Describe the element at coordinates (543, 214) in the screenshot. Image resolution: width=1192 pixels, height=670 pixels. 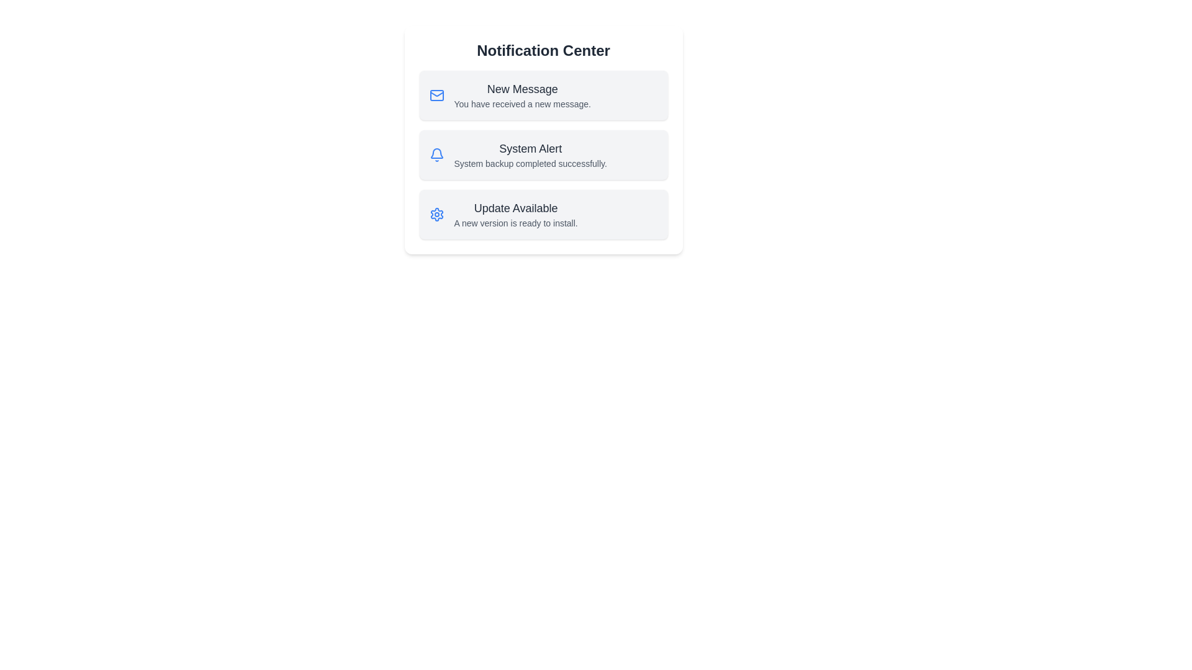
I see `the Notification box to acknowledge or access details about the available update` at that location.